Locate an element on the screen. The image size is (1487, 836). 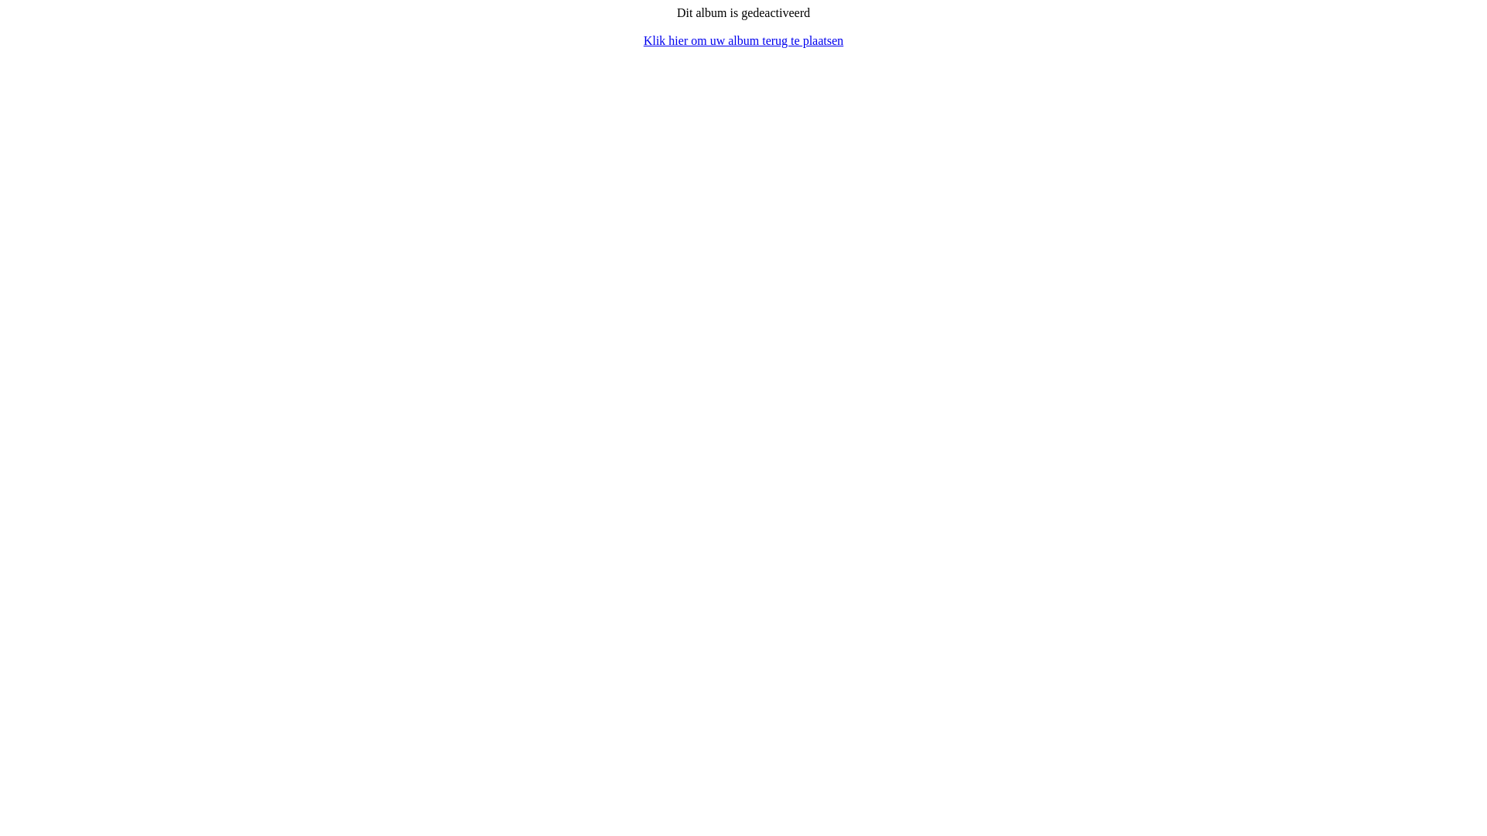
'Klik hier om uw album terug te plaatsen' is located at coordinates (643, 39).